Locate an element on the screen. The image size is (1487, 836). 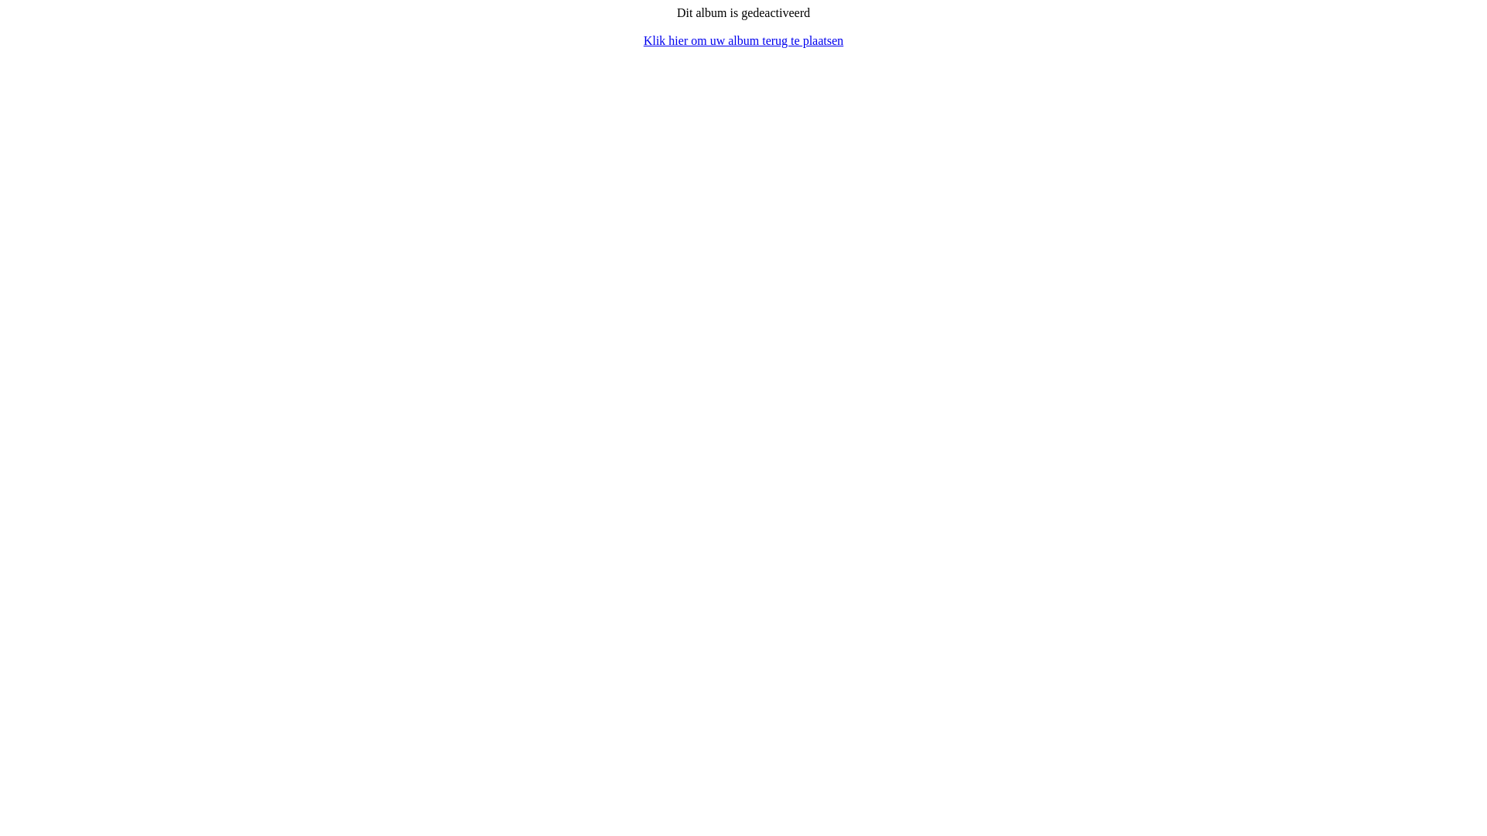
'Klik hier om uw album terug te plaatsen' is located at coordinates (643, 39).